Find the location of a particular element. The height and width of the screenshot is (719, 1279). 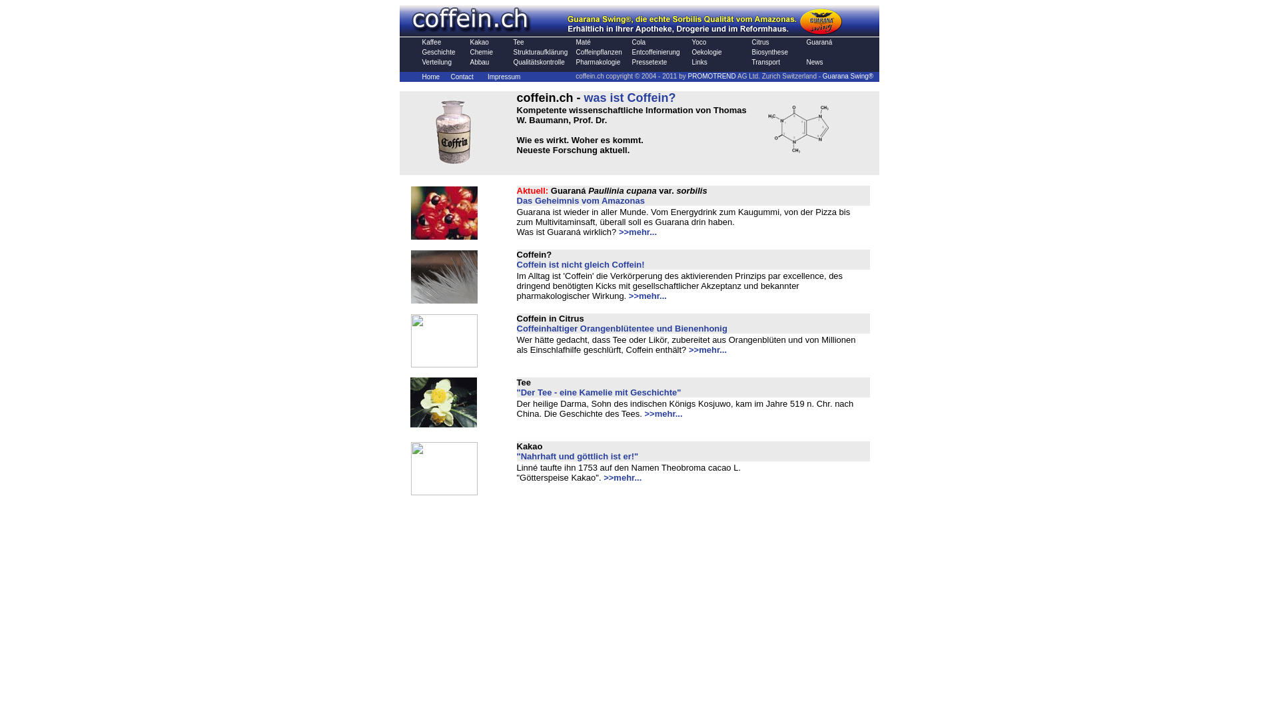

'Impressum' is located at coordinates (486, 77).